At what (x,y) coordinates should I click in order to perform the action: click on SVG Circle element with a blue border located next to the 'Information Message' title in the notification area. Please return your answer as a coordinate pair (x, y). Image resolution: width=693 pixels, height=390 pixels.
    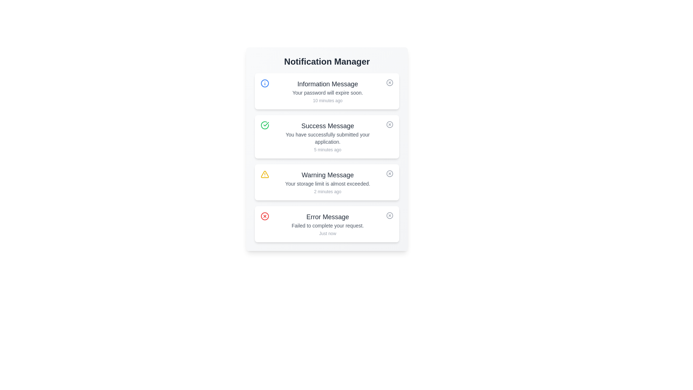
    Looking at the image, I should click on (265, 83).